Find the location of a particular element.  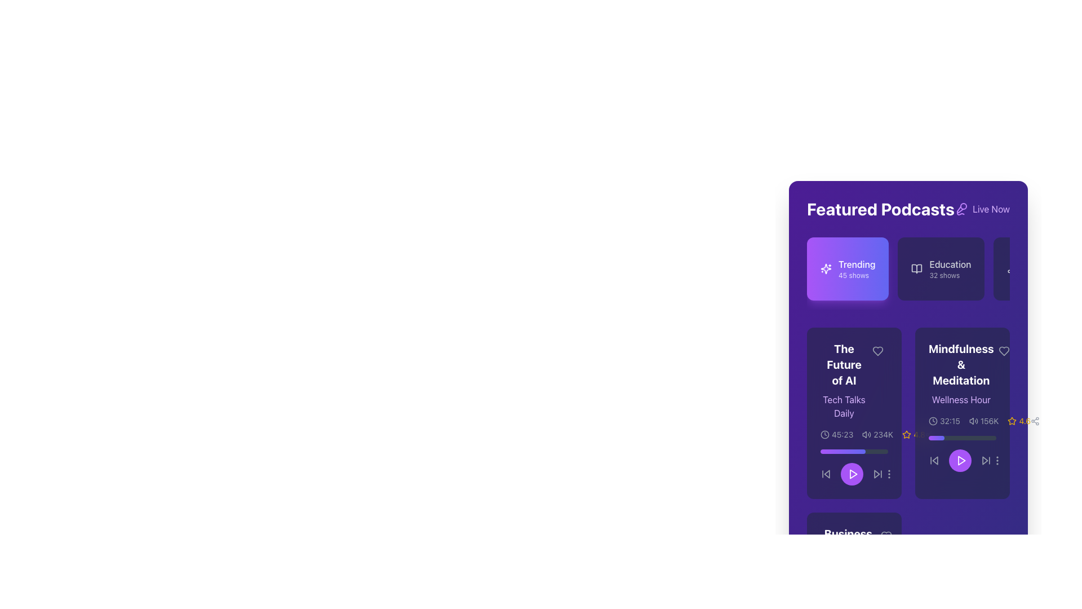

on the heart-shaped icon with a purple fill located in the top-right corner of the card displaying 'The Future of AI' for additional context or actions is located at coordinates (877, 351).